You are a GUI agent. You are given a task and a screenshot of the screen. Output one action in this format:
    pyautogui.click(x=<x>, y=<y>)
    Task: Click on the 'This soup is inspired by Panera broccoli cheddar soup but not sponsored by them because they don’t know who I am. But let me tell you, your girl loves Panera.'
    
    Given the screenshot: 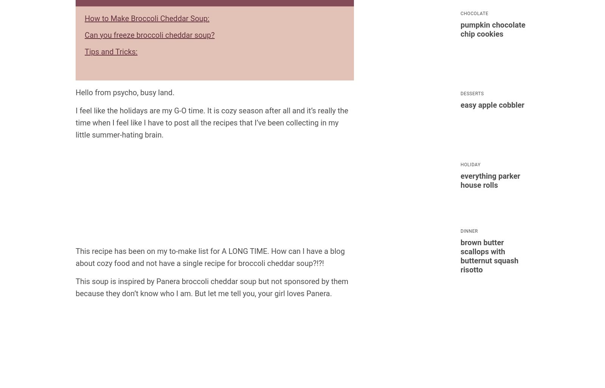 What is the action you would take?
    pyautogui.click(x=211, y=286)
    